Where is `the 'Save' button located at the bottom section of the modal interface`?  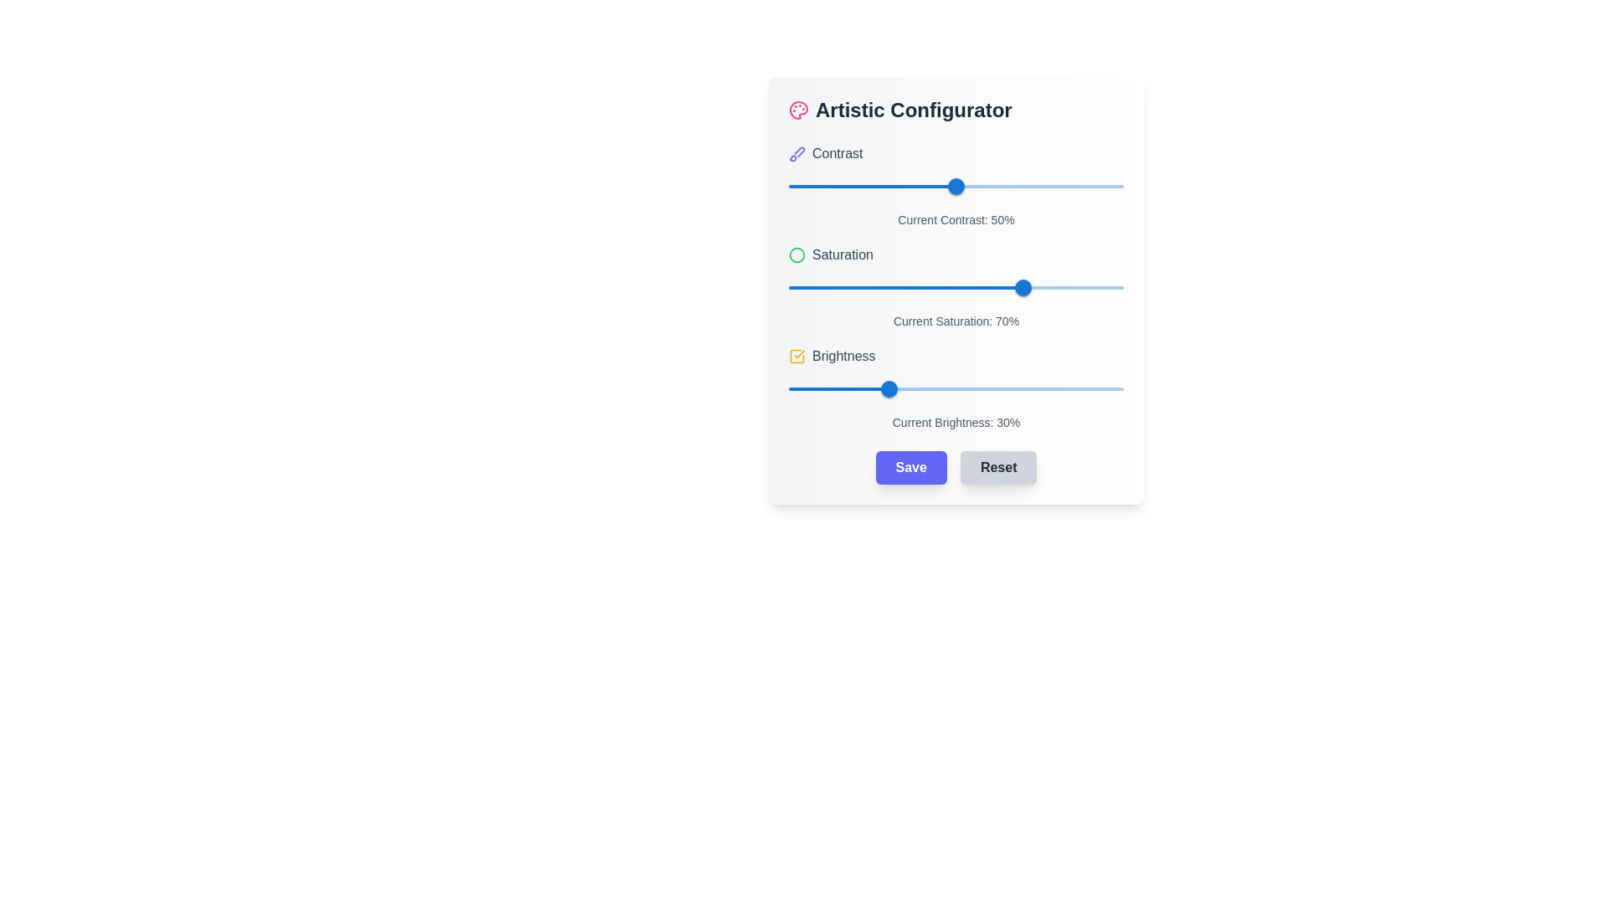
the 'Save' button located at the bottom section of the modal interface is located at coordinates (910, 468).